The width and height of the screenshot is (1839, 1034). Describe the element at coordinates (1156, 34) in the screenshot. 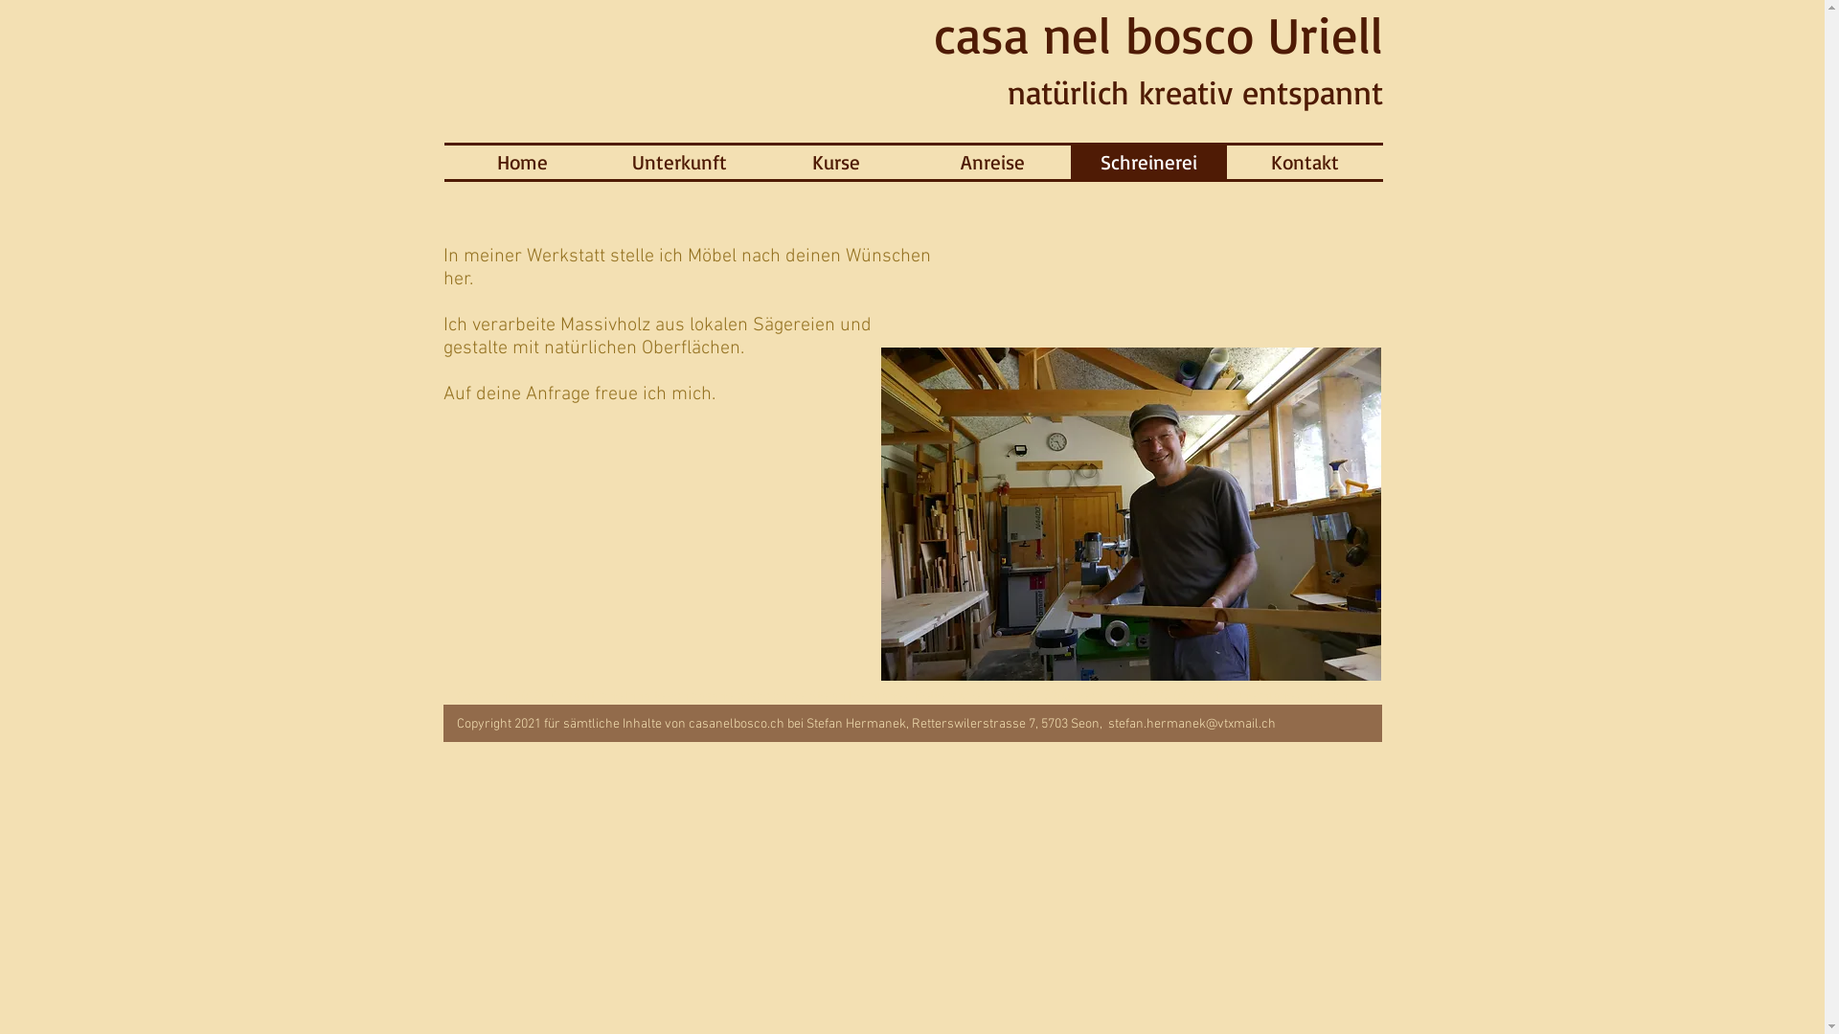

I see `'casa nel bosco Uriell'` at that location.